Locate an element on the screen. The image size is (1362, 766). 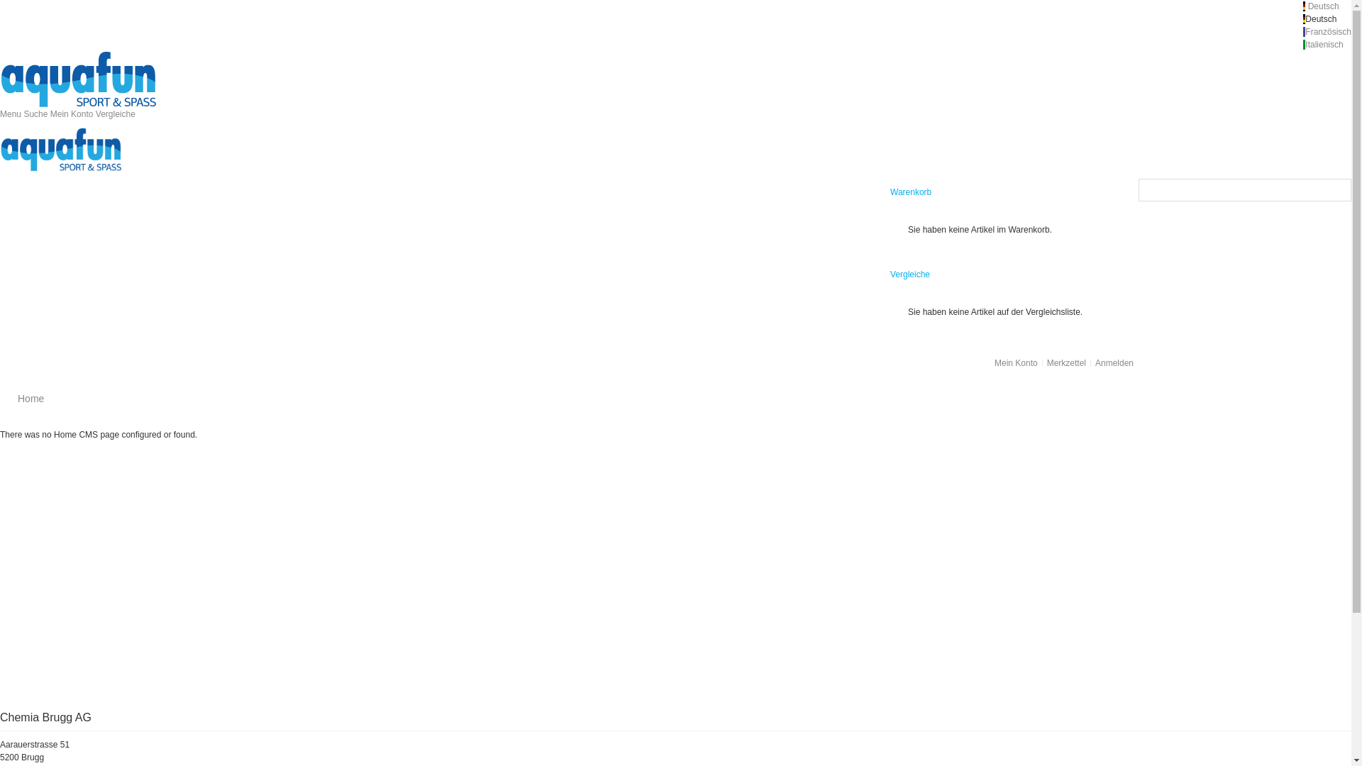
'Warenkorb  ' is located at coordinates (913, 191).